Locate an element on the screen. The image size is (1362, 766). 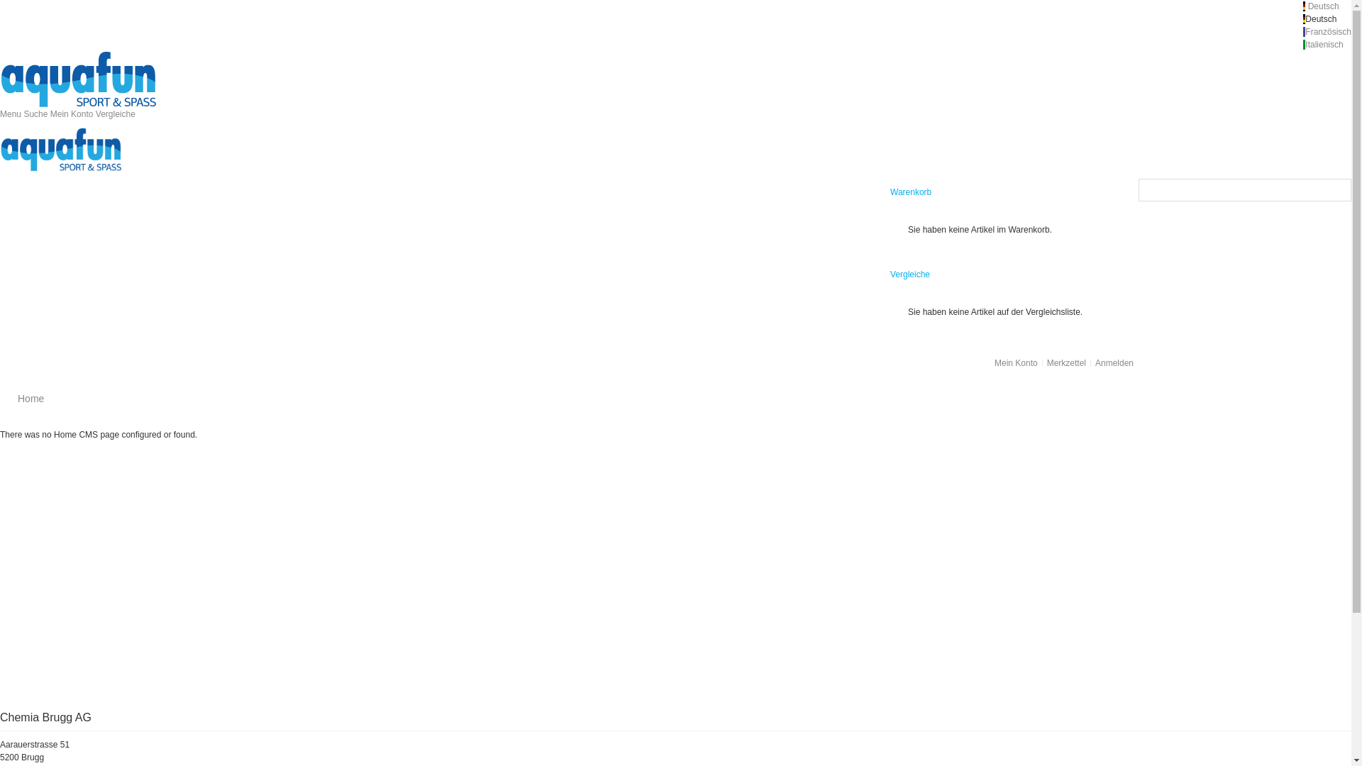
'Warenkorb  ' is located at coordinates (913, 191).